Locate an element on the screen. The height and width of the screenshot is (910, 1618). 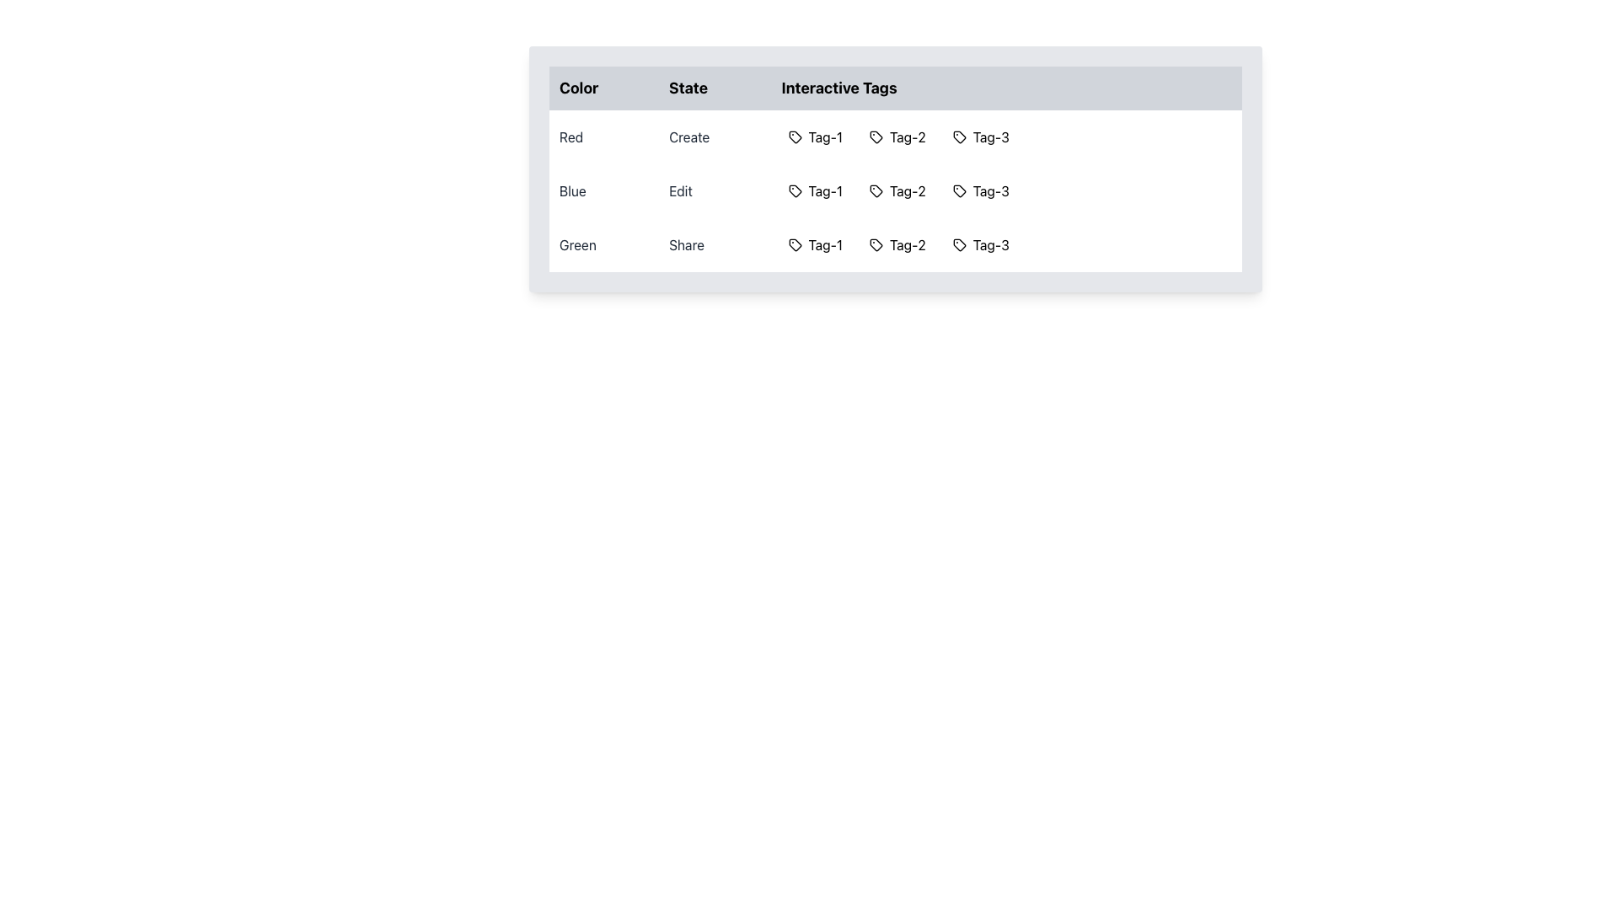
the third interactive tag icon in the 'Interactive Tags' column of the first row, which represents the 'Red' color and 'Create' state is located at coordinates (959, 136).